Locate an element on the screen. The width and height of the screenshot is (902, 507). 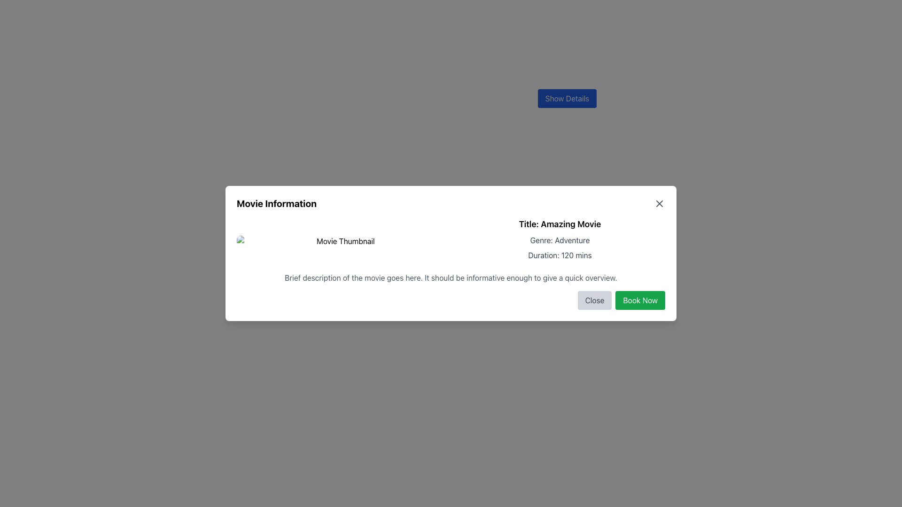
the text block displaying detailed information about the movie 'Amazing Movie' is located at coordinates (560, 240).